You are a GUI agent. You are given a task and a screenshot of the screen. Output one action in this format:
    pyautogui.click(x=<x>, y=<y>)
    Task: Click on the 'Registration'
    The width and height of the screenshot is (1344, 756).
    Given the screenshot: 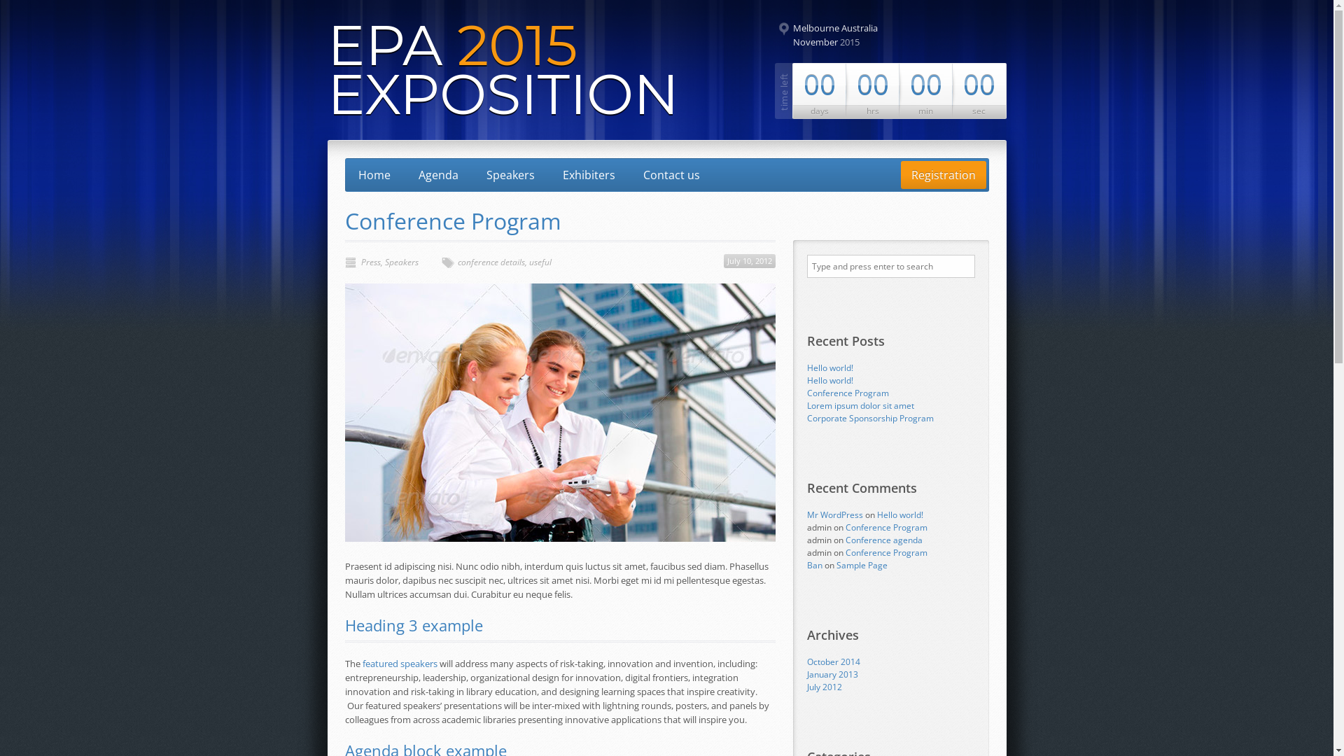 What is the action you would take?
    pyautogui.click(x=943, y=174)
    